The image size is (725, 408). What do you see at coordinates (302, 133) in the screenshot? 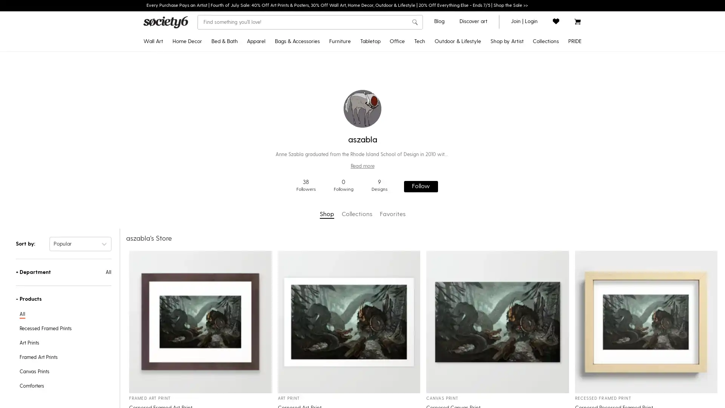
I see `Makeup Bags` at bounding box center [302, 133].